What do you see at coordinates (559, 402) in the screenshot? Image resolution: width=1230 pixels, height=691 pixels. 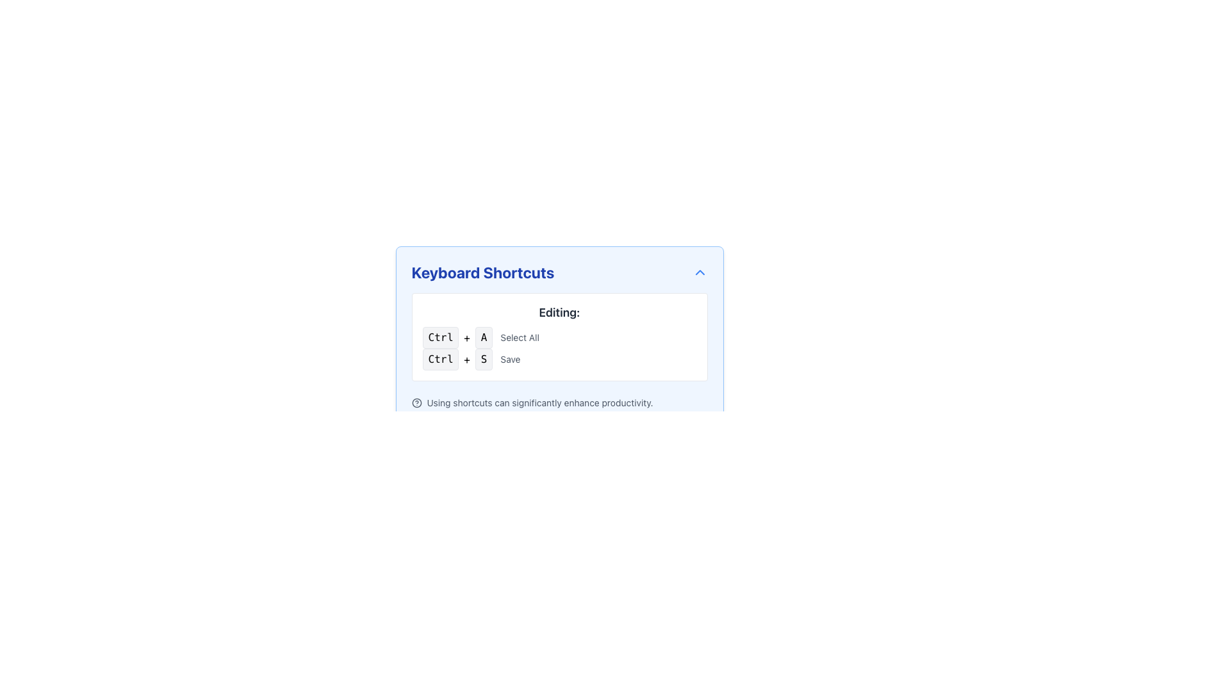 I see `the help icon located at the bottom of the 'Keyboard Shortcuts' section, which provides users with productivity advice regarding shortcut usage` at bounding box center [559, 402].